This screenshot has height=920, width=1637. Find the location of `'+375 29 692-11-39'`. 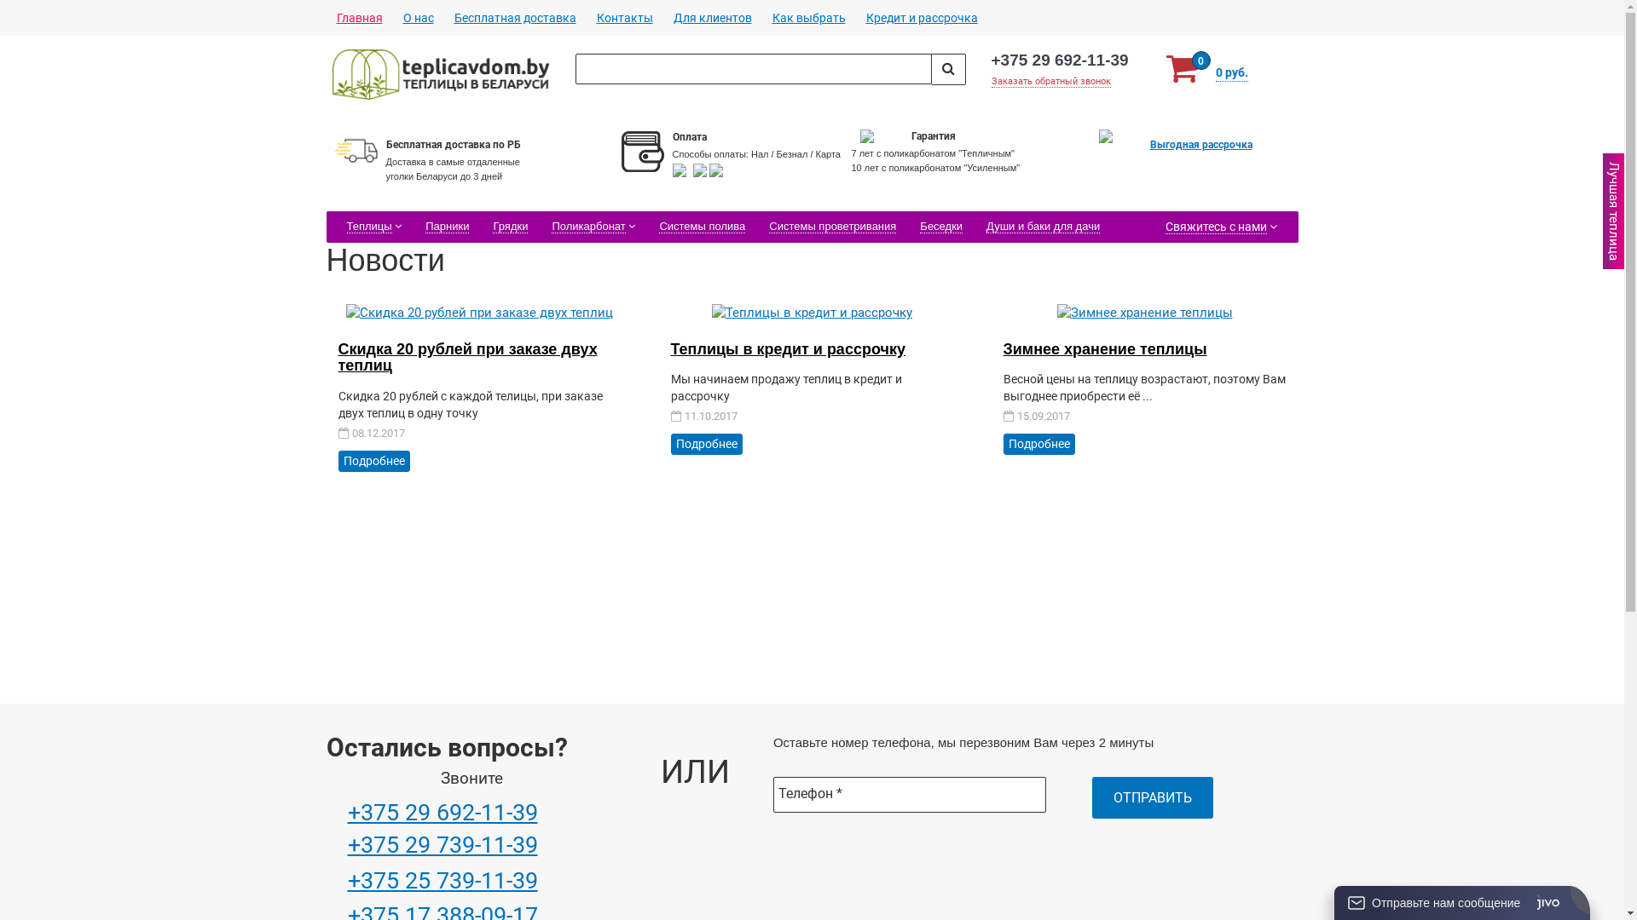

'+375 29 692-11-39' is located at coordinates (443, 811).